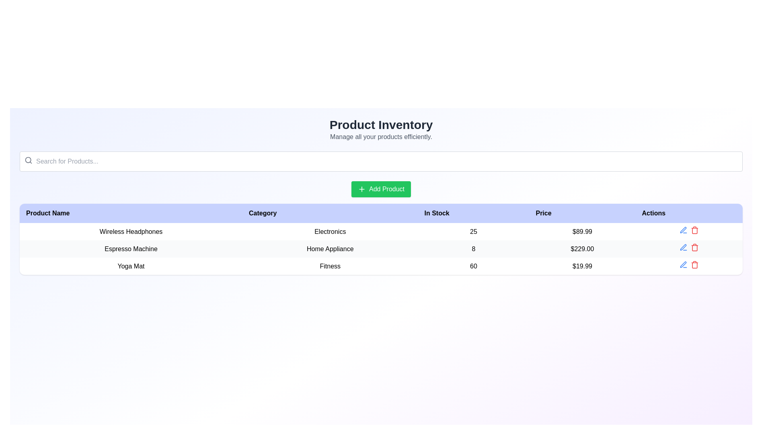 Image resolution: width=772 pixels, height=434 pixels. What do you see at coordinates (688, 248) in the screenshot?
I see `the interactive action group consisting of a blue pencil-like icon and a red trash-bin-like icon in the Actions column of the table for the item 'Espresso Machine'` at bounding box center [688, 248].